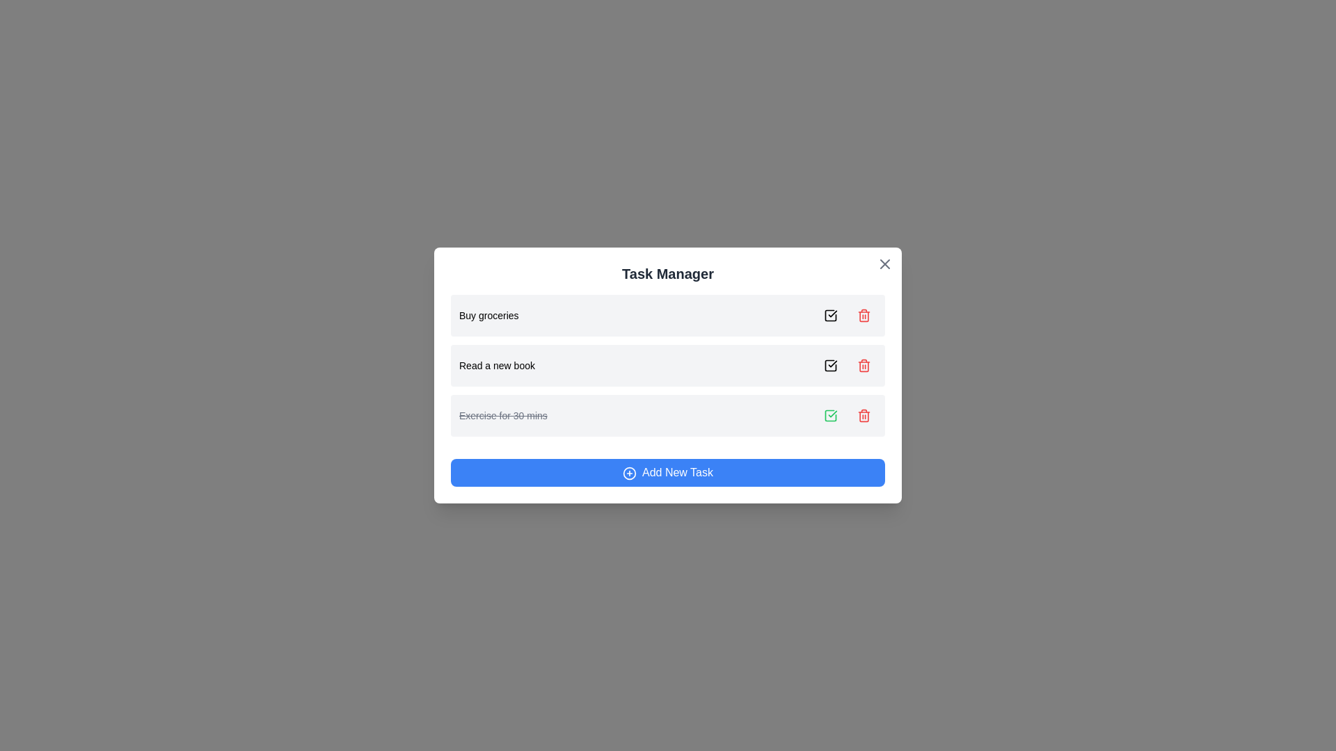  What do you see at coordinates (831, 364) in the screenshot?
I see `the circular check mark button in the task manager interface labeled 'Read a new book'` at bounding box center [831, 364].